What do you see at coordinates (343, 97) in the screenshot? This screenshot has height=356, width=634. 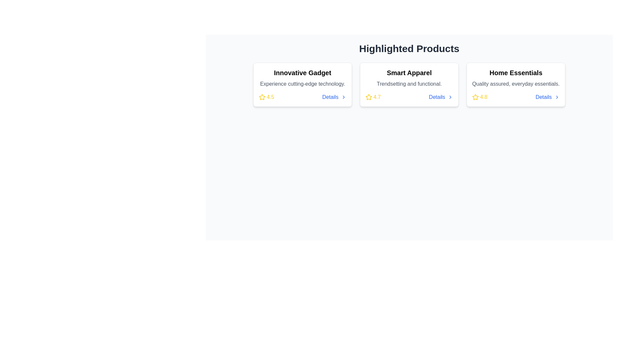 I see `the right-facing chevron icon located at the far right of the 'Details' link within the 'Innovative Gadget' card` at bounding box center [343, 97].